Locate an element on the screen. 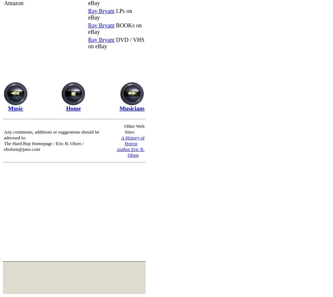 The image size is (333, 297). 'BOOKs on eBay' is located at coordinates (115, 28).